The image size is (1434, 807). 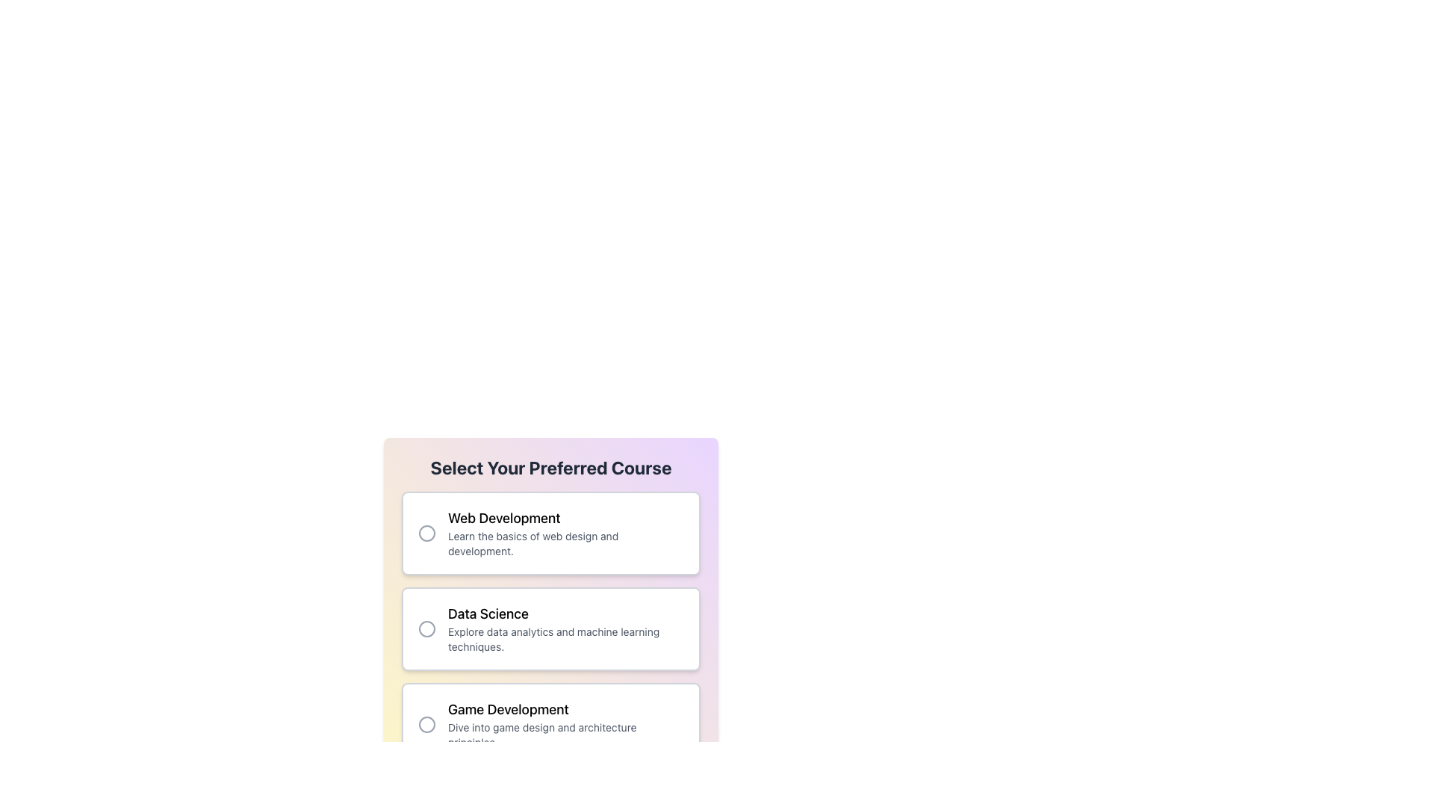 What do you see at coordinates (426, 628) in the screenshot?
I see `the selectable icon or radio button associated with 'Data Science'` at bounding box center [426, 628].